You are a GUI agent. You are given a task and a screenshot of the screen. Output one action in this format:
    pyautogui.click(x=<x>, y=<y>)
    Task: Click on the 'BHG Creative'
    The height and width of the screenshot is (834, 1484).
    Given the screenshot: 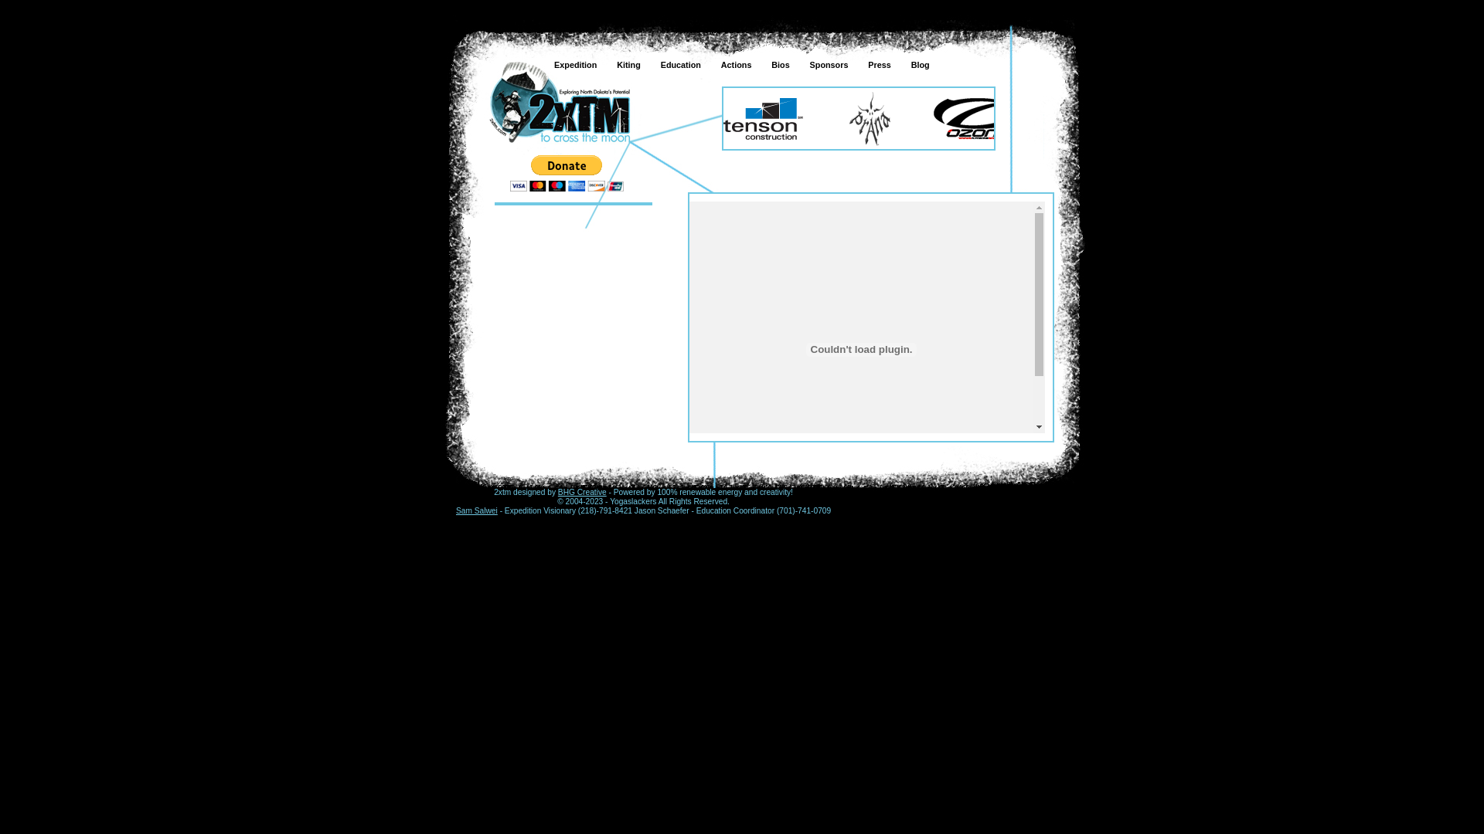 What is the action you would take?
    pyautogui.click(x=581, y=492)
    